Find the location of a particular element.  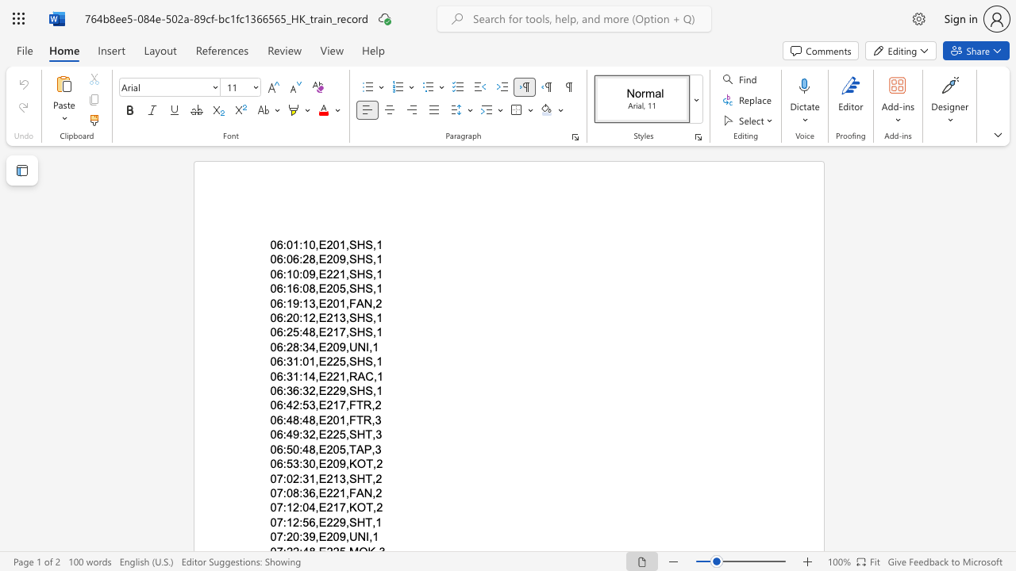

the subset text ",3" within the text "06:48:48,E201,FTR,3" is located at coordinates (371, 419).